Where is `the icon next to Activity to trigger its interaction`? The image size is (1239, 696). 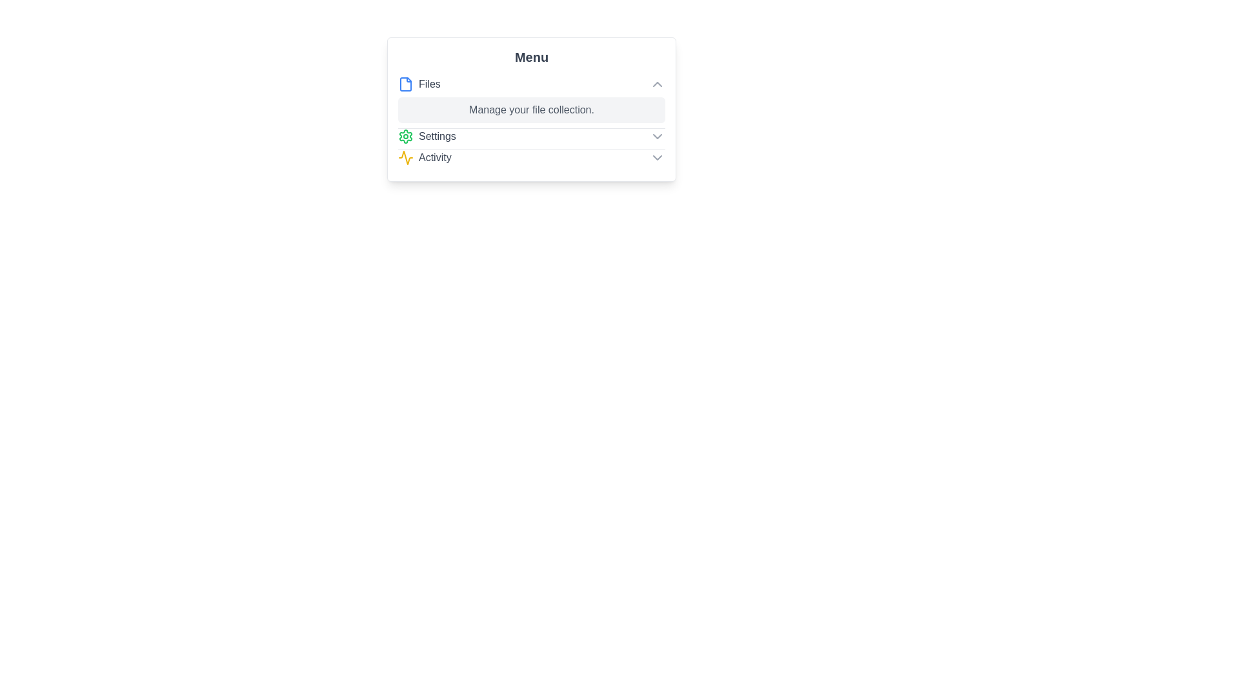
the icon next to Activity to trigger its interaction is located at coordinates (405, 157).